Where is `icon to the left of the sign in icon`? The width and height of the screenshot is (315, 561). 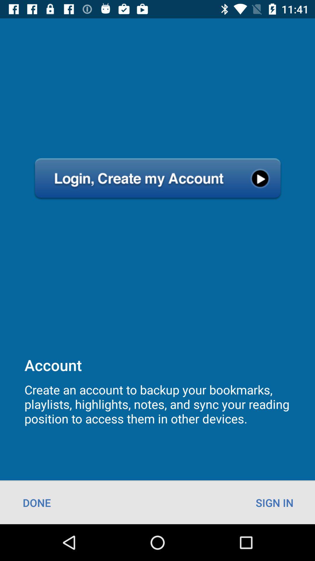
icon to the left of the sign in icon is located at coordinates (37, 502).